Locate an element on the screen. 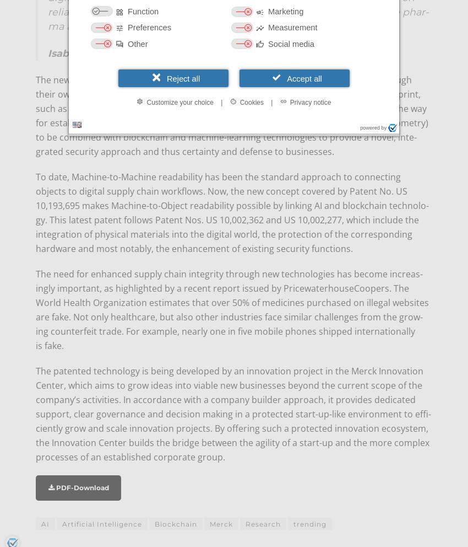 This screenshot has width=468, height=547. 'PDF-Download' is located at coordinates (81, 487).